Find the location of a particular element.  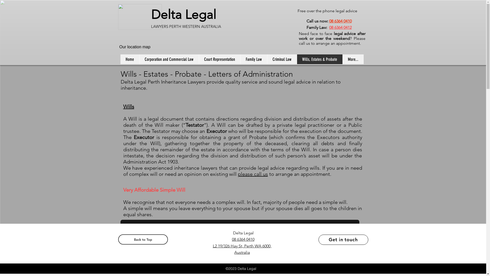

'please call us' is located at coordinates (253, 174).